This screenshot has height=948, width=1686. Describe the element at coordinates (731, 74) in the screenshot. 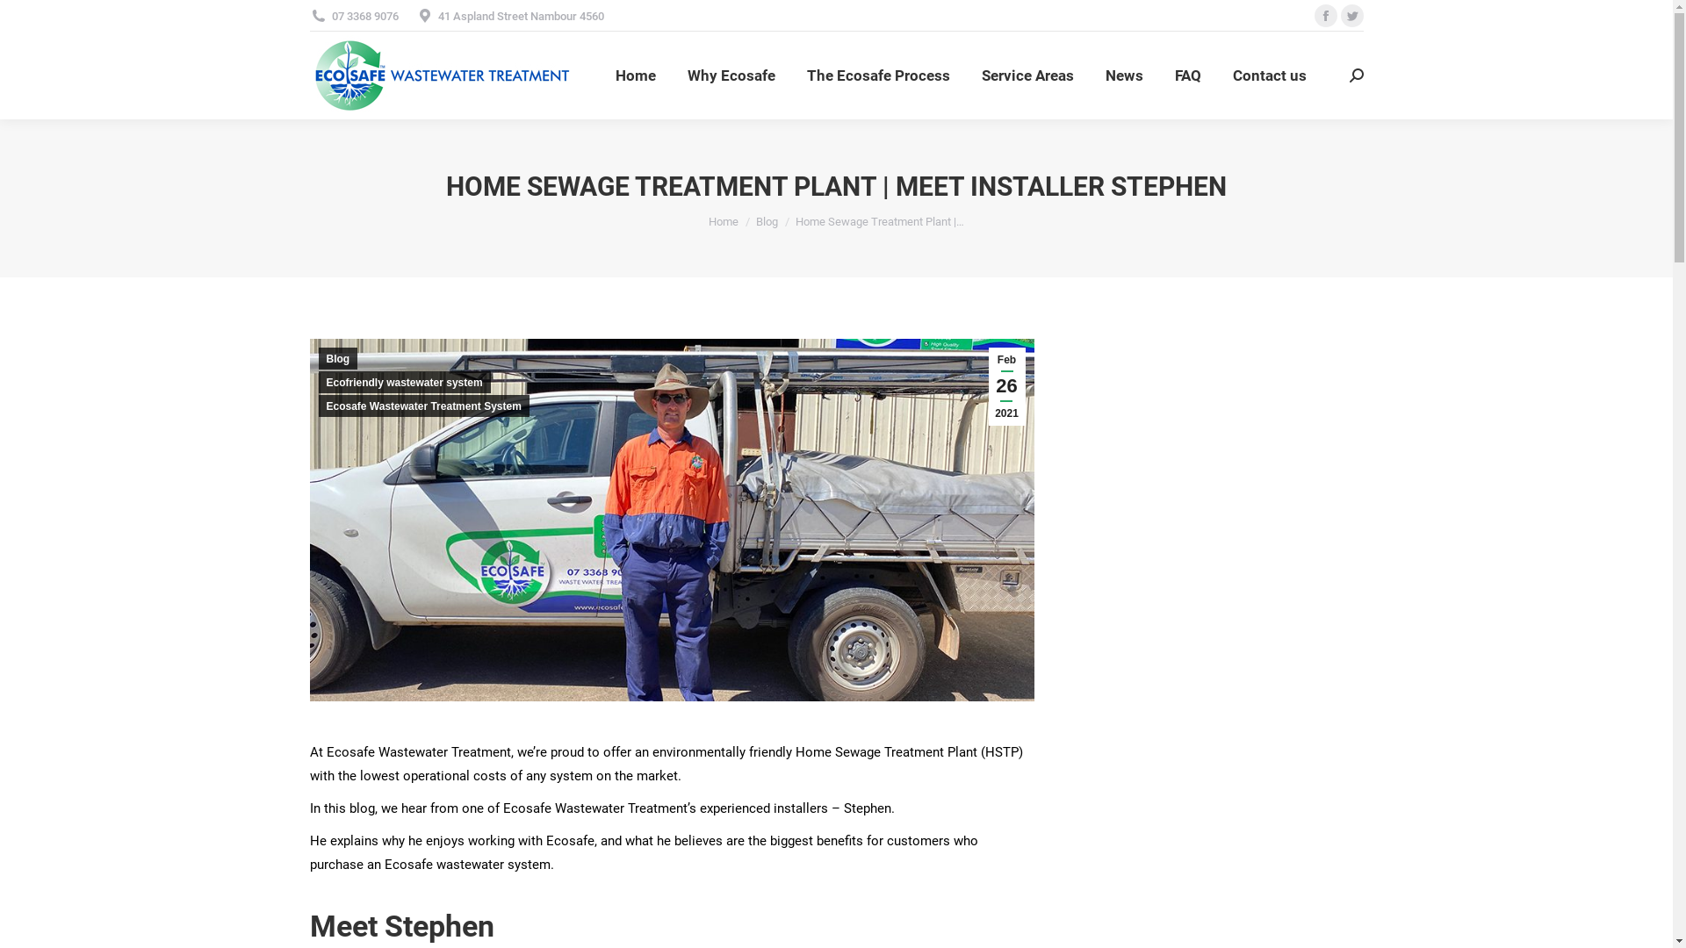

I see `'Why Ecosafe'` at that location.